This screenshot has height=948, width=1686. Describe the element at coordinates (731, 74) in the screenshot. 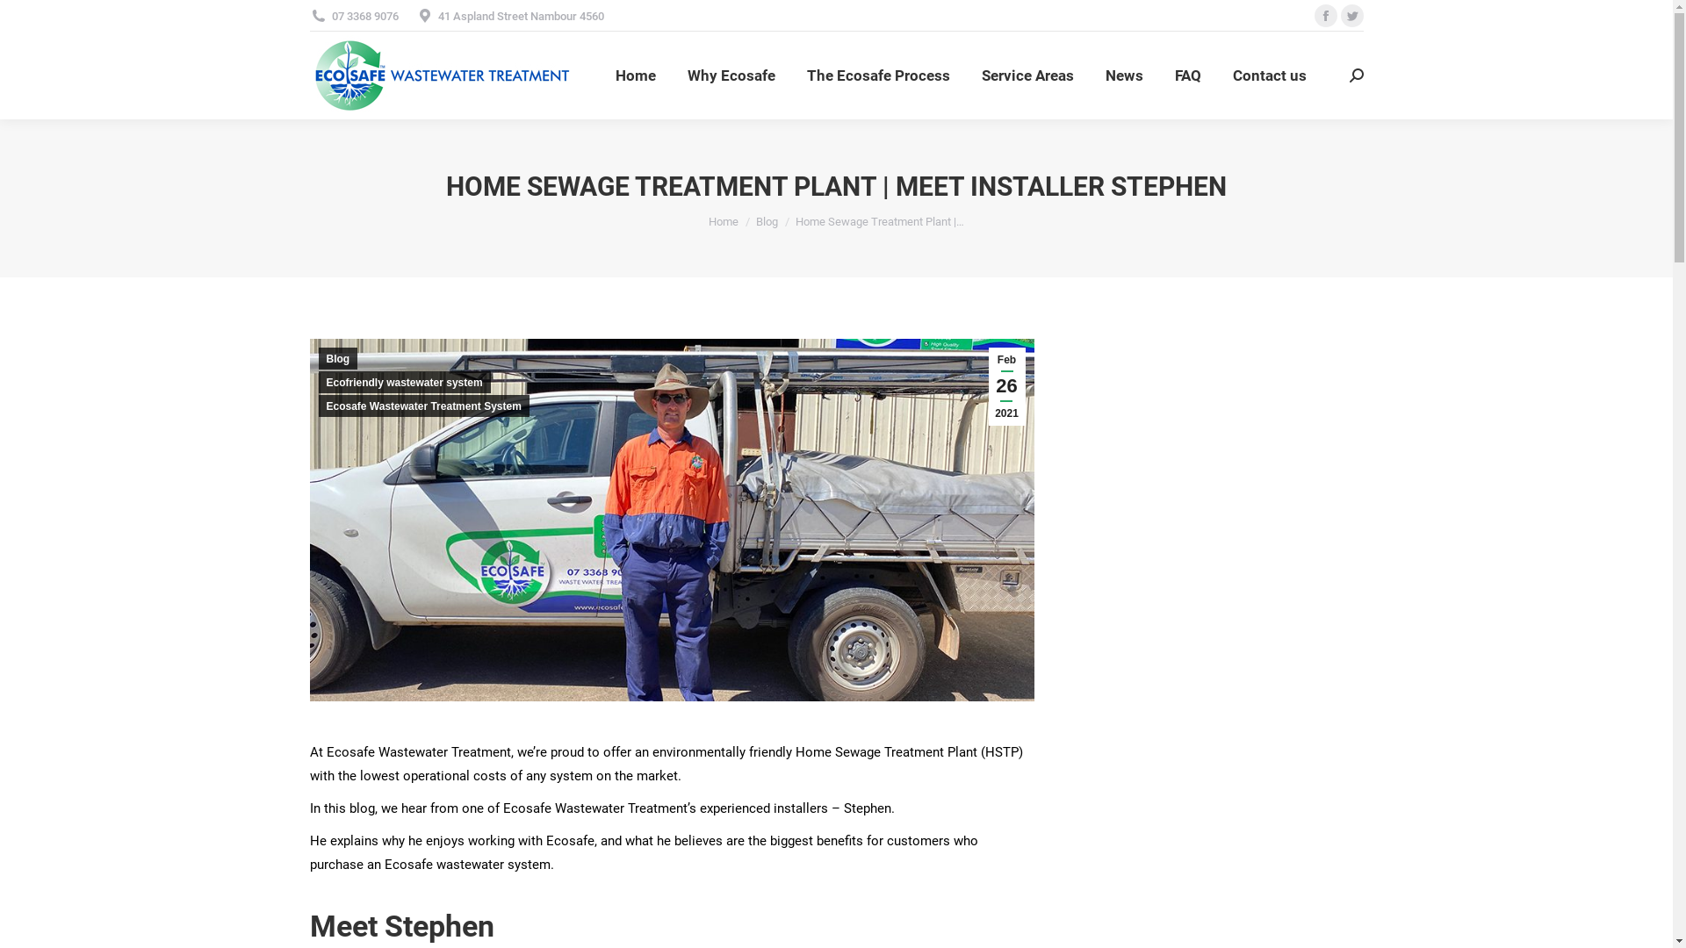

I see `'Why Ecosafe'` at that location.